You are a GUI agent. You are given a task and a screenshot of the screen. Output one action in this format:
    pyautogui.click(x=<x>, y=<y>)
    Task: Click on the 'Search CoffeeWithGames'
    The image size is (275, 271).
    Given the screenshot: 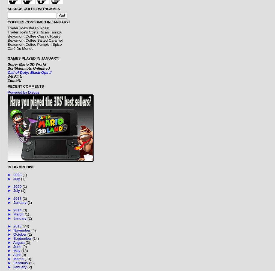 What is the action you would take?
    pyautogui.click(x=8, y=9)
    